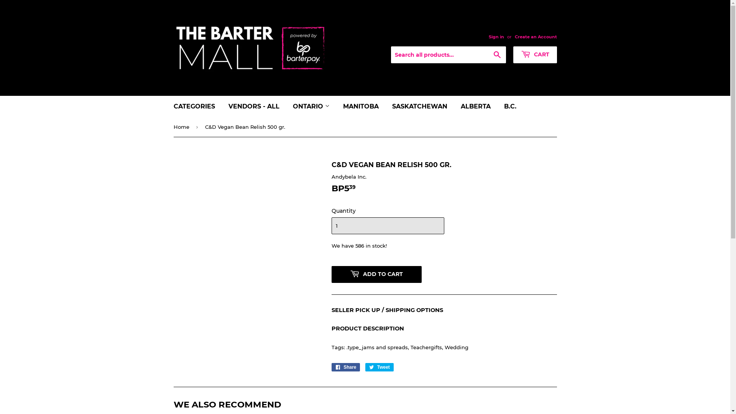  Describe the element at coordinates (194, 106) in the screenshot. I see `'CATEGORIES'` at that location.